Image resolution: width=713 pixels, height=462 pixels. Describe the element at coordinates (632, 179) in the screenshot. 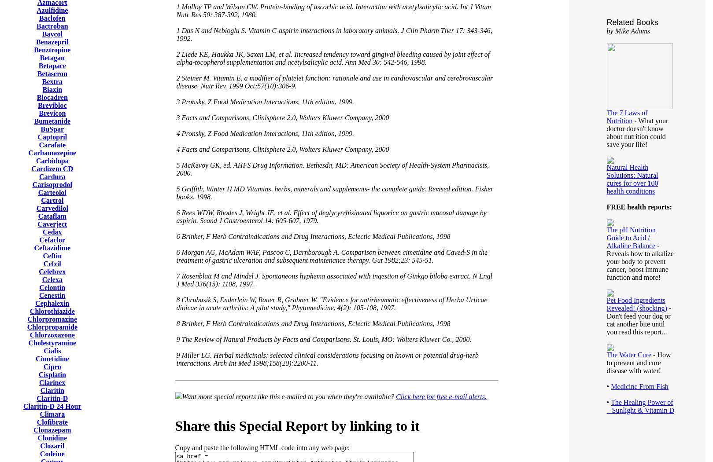

I see `'Natural Health Solutions: Natural cures for over 100 health conditions'` at that location.